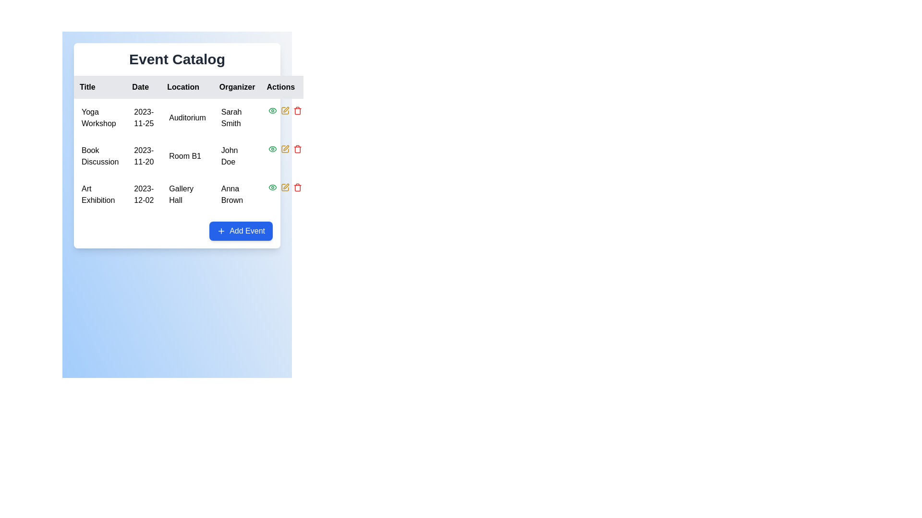 This screenshot has width=922, height=518. What do you see at coordinates (272, 110) in the screenshot?
I see `the eye icon button in the 'Actions' column of the second row of the data grid` at bounding box center [272, 110].